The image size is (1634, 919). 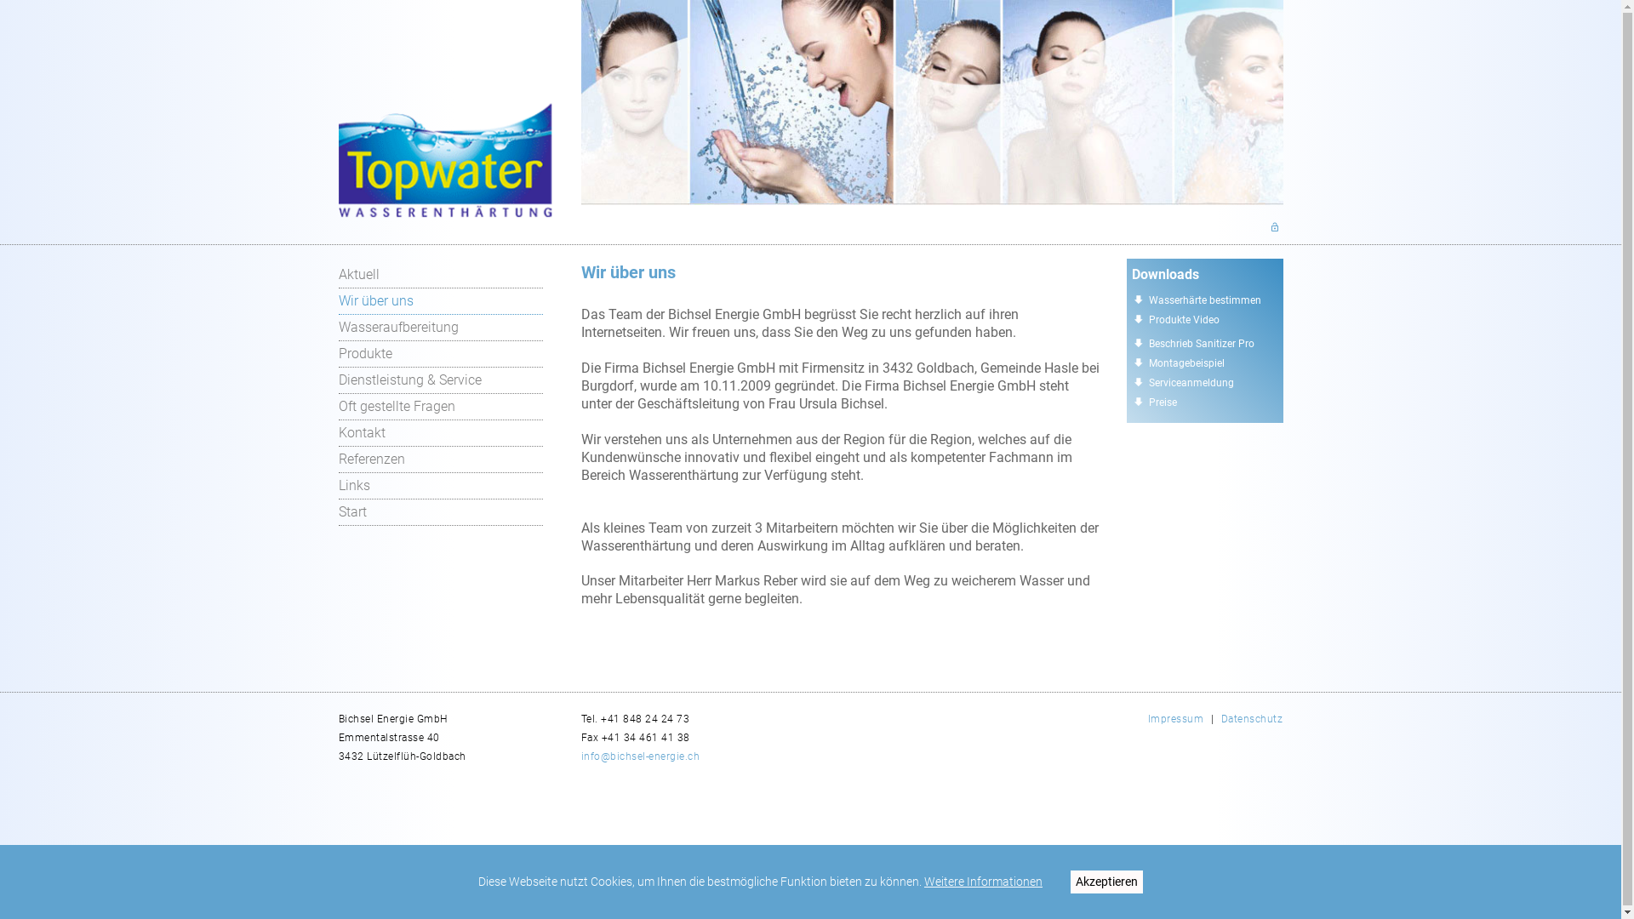 I want to click on 'Oft gestellte Fragen', so click(x=441, y=407).